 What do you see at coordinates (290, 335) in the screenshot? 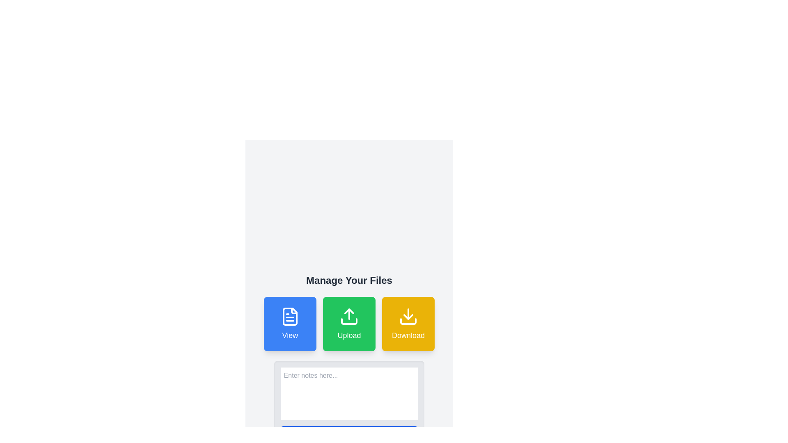
I see `the button labeled 'View' which is a text label element displaying the word 'View' in bold on a blue background, located under a document icon and aligned with 'Upload' and 'Download' buttons` at bounding box center [290, 335].